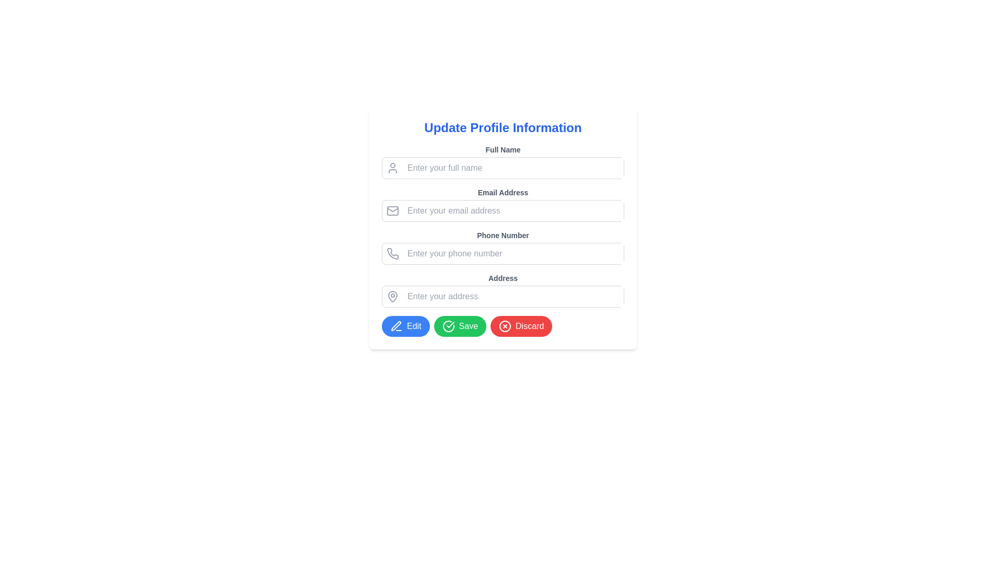  Describe the element at coordinates (505, 325) in the screenshot. I see `the SVG Circle Element that represents the cancellation icon, located near the discard button towards the lower-right end of the form` at that location.